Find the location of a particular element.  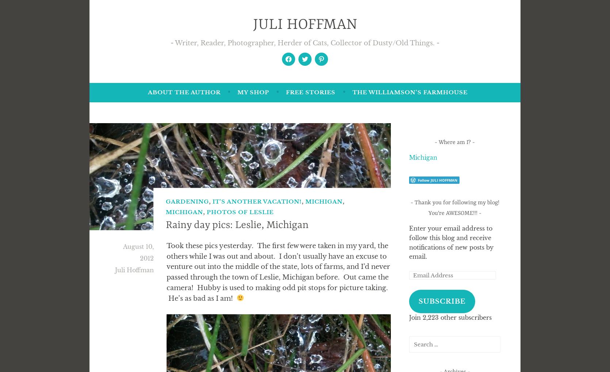

'About the Author' is located at coordinates (147, 91).